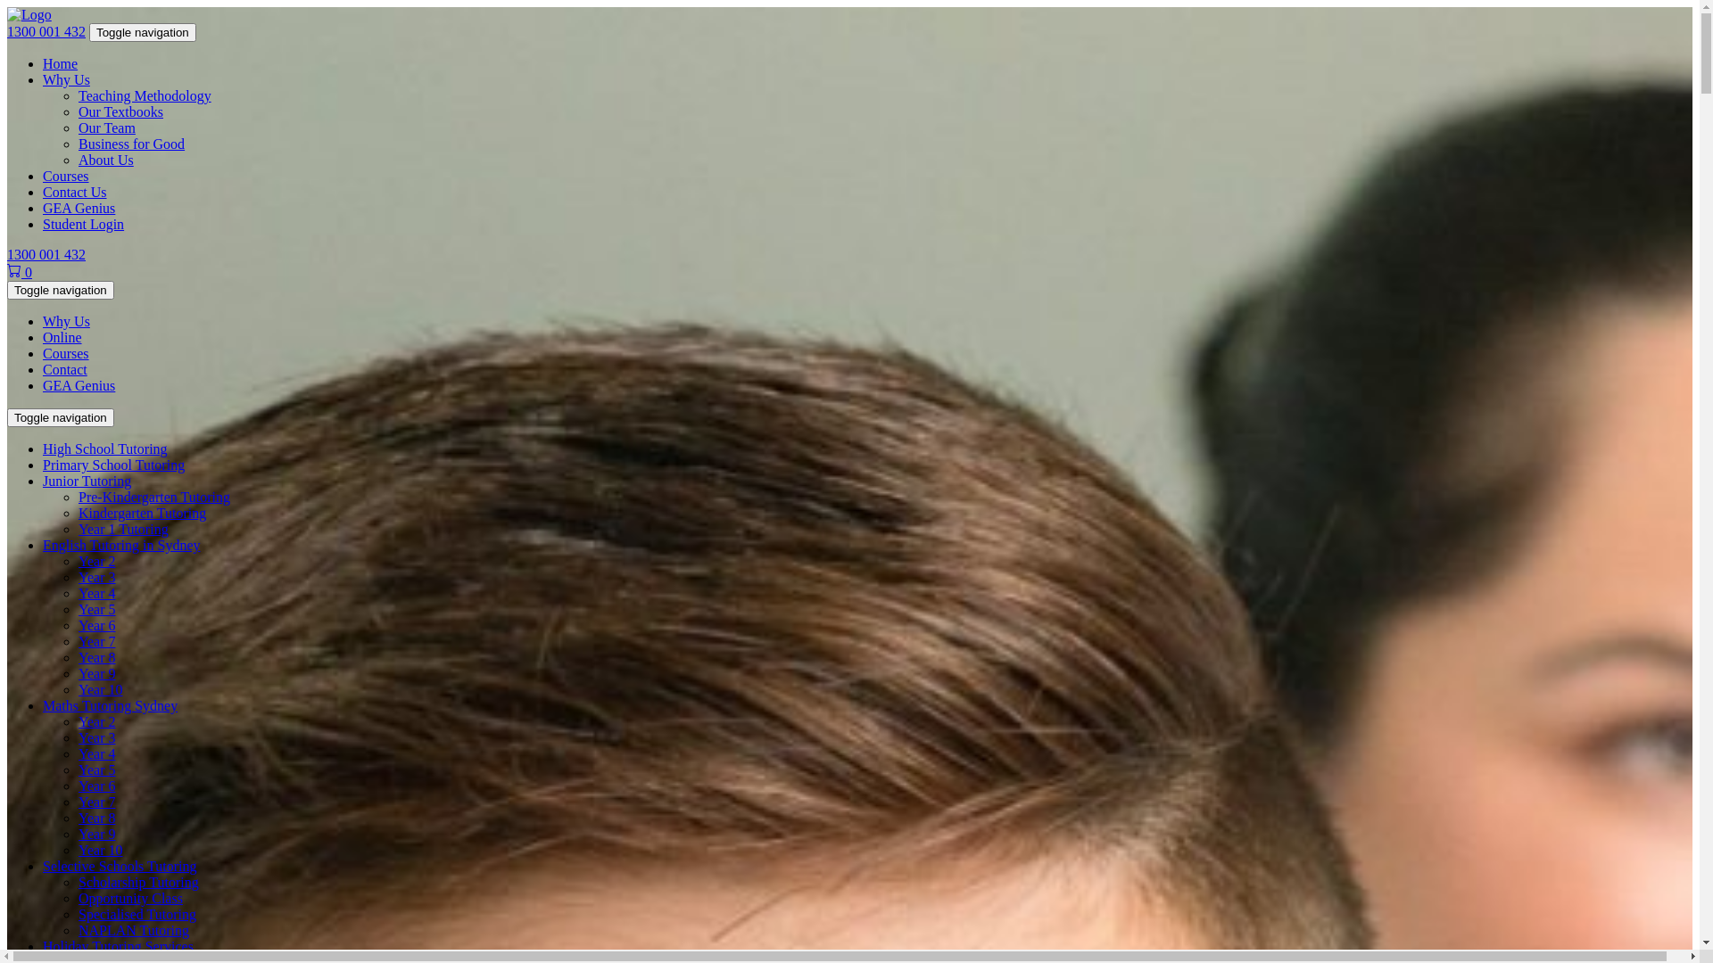  Describe the element at coordinates (95, 801) in the screenshot. I see `'Year 7'` at that location.